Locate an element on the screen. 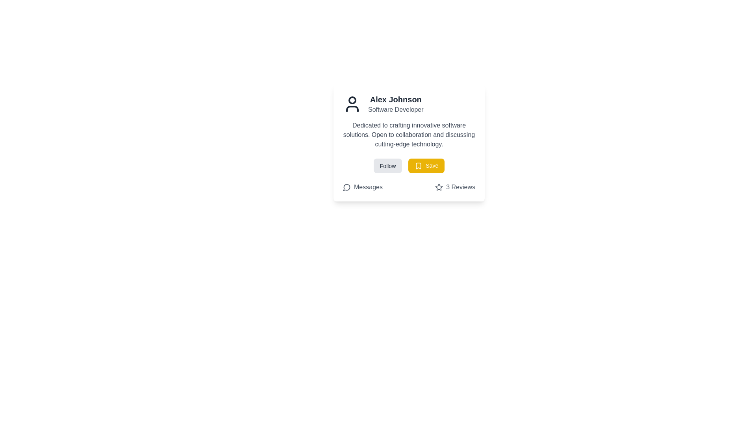  the label with an icon that represents messages, located at the bottom left of the profile card, next to '3 Reviews' is located at coordinates (362, 187).